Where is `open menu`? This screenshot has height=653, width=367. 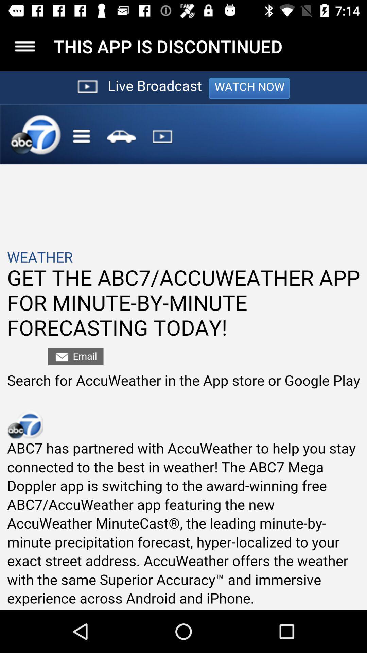 open menu is located at coordinates (24, 46).